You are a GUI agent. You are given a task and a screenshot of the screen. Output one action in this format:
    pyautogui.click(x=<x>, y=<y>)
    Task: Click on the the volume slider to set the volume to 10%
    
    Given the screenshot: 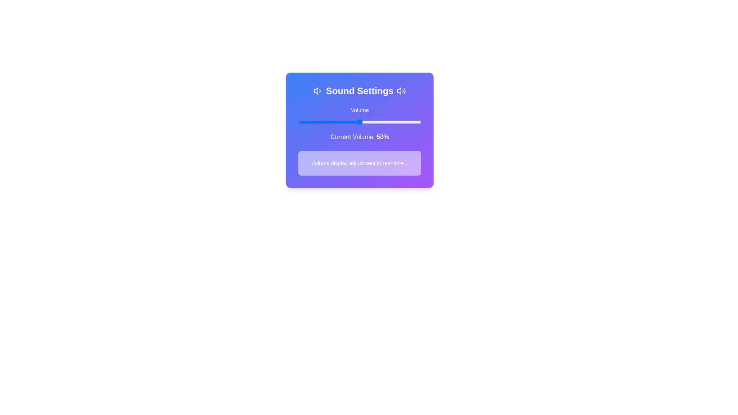 What is the action you would take?
    pyautogui.click(x=310, y=121)
    